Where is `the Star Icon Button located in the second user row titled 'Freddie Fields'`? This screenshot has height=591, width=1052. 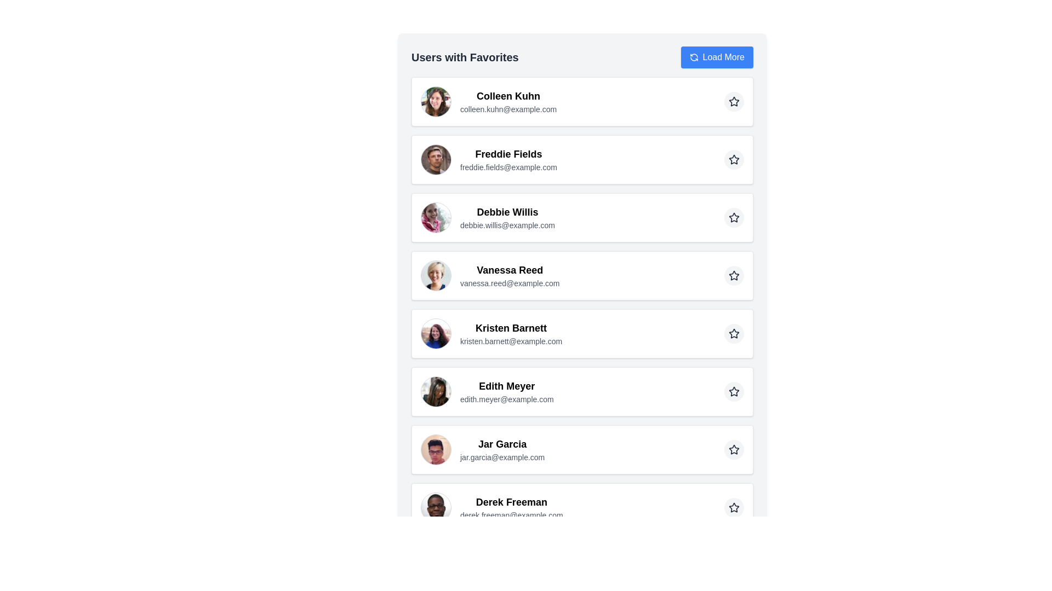
the Star Icon Button located in the second user row titled 'Freddie Fields' is located at coordinates (734, 160).